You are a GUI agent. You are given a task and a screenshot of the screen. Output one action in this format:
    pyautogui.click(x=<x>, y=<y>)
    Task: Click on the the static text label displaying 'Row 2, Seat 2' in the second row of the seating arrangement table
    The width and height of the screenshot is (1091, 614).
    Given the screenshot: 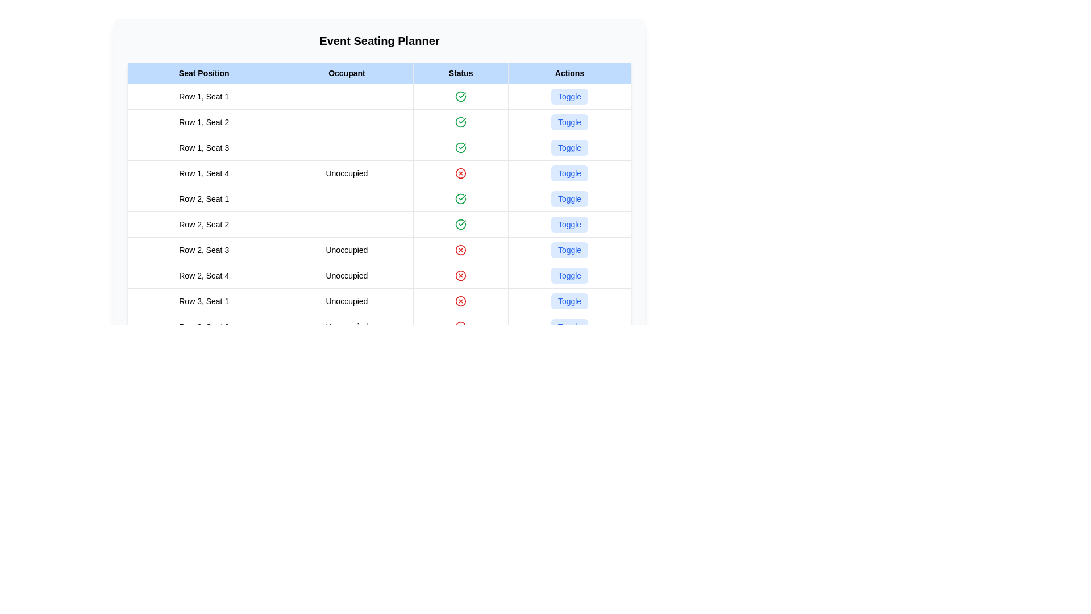 What is the action you would take?
    pyautogui.click(x=204, y=224)
    